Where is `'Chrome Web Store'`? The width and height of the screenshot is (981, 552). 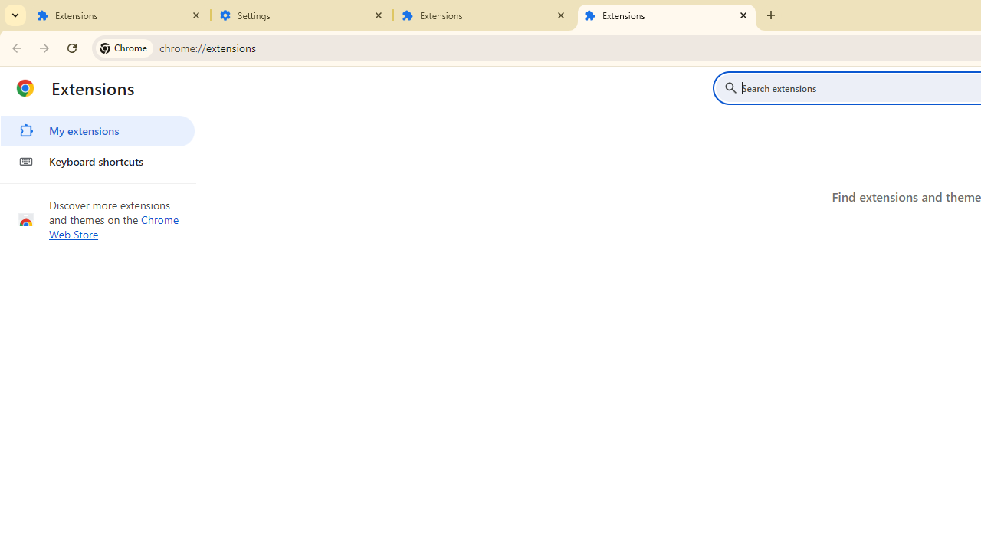
'Chrome Web Store' is located at coordinates (113, 227).